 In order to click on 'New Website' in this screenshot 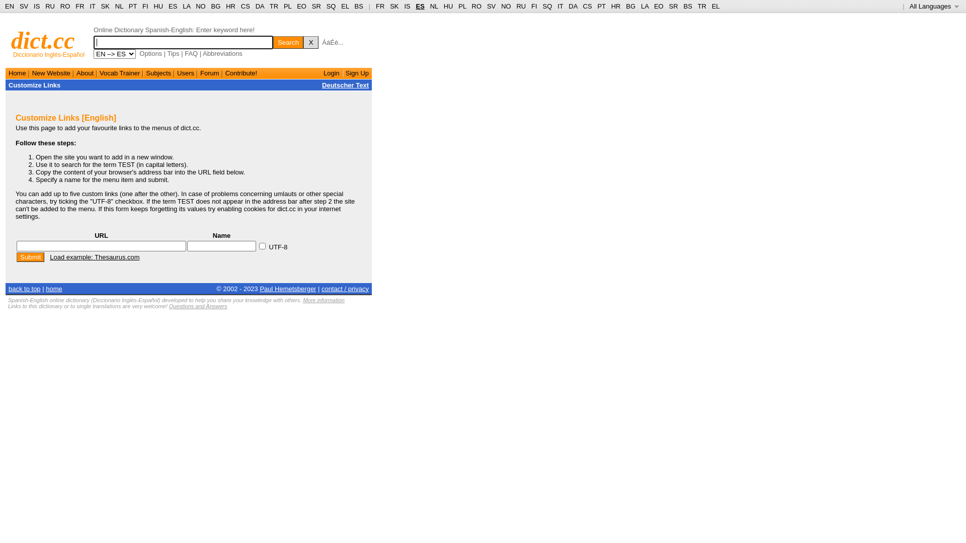, I will do `click(50, 72)`.